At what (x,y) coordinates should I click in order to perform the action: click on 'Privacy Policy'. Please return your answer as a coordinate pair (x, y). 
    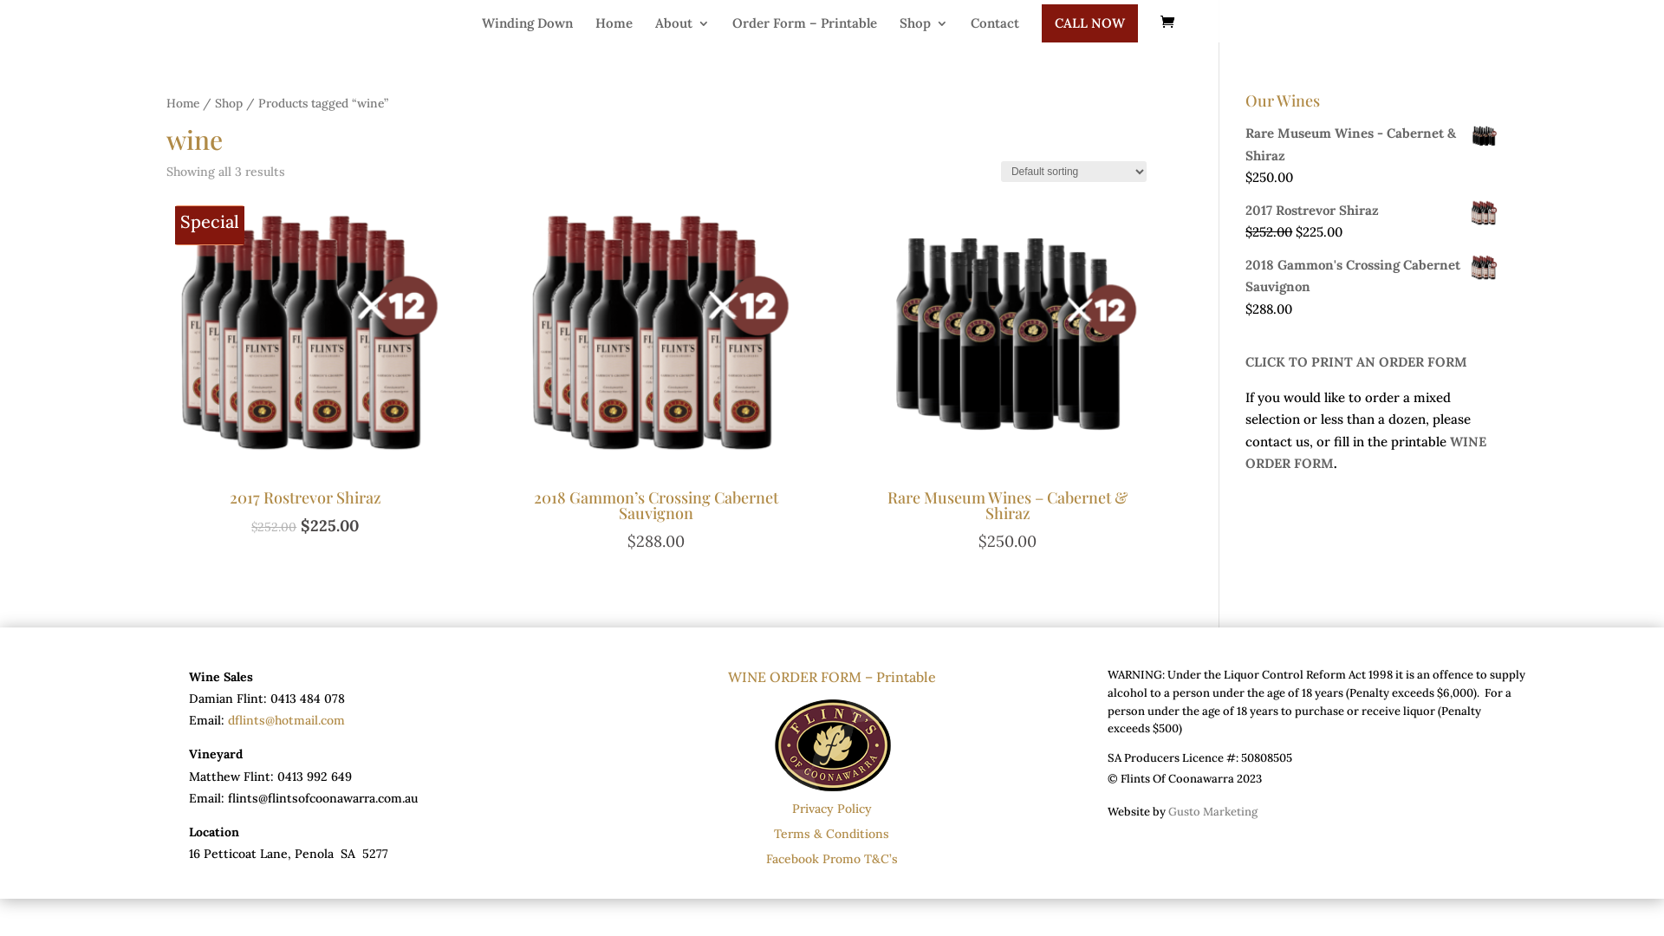
    Looking at the image, I should click on (832, 809).